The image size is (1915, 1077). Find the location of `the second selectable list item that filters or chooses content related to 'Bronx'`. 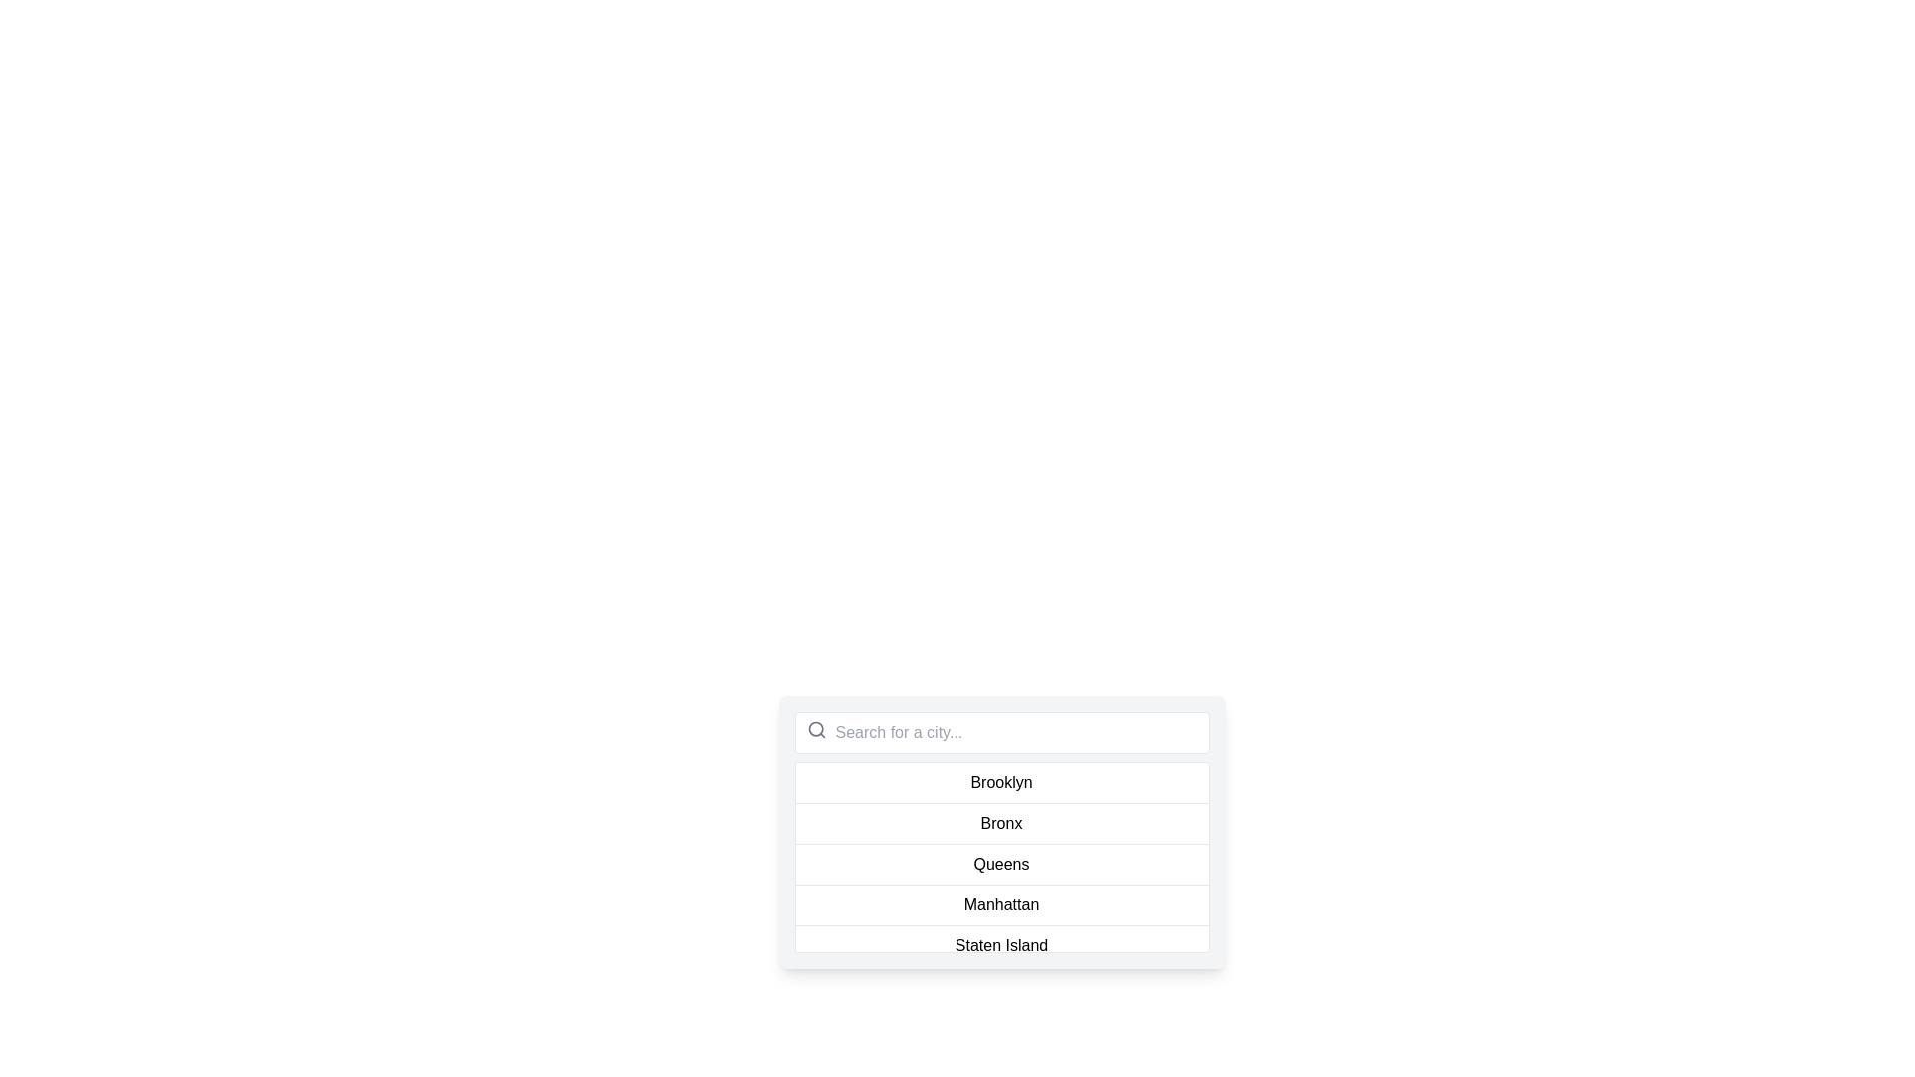

the second selectable list item that filters or chooses content related to 'Bronx' is located at coordinates (1001, 832).